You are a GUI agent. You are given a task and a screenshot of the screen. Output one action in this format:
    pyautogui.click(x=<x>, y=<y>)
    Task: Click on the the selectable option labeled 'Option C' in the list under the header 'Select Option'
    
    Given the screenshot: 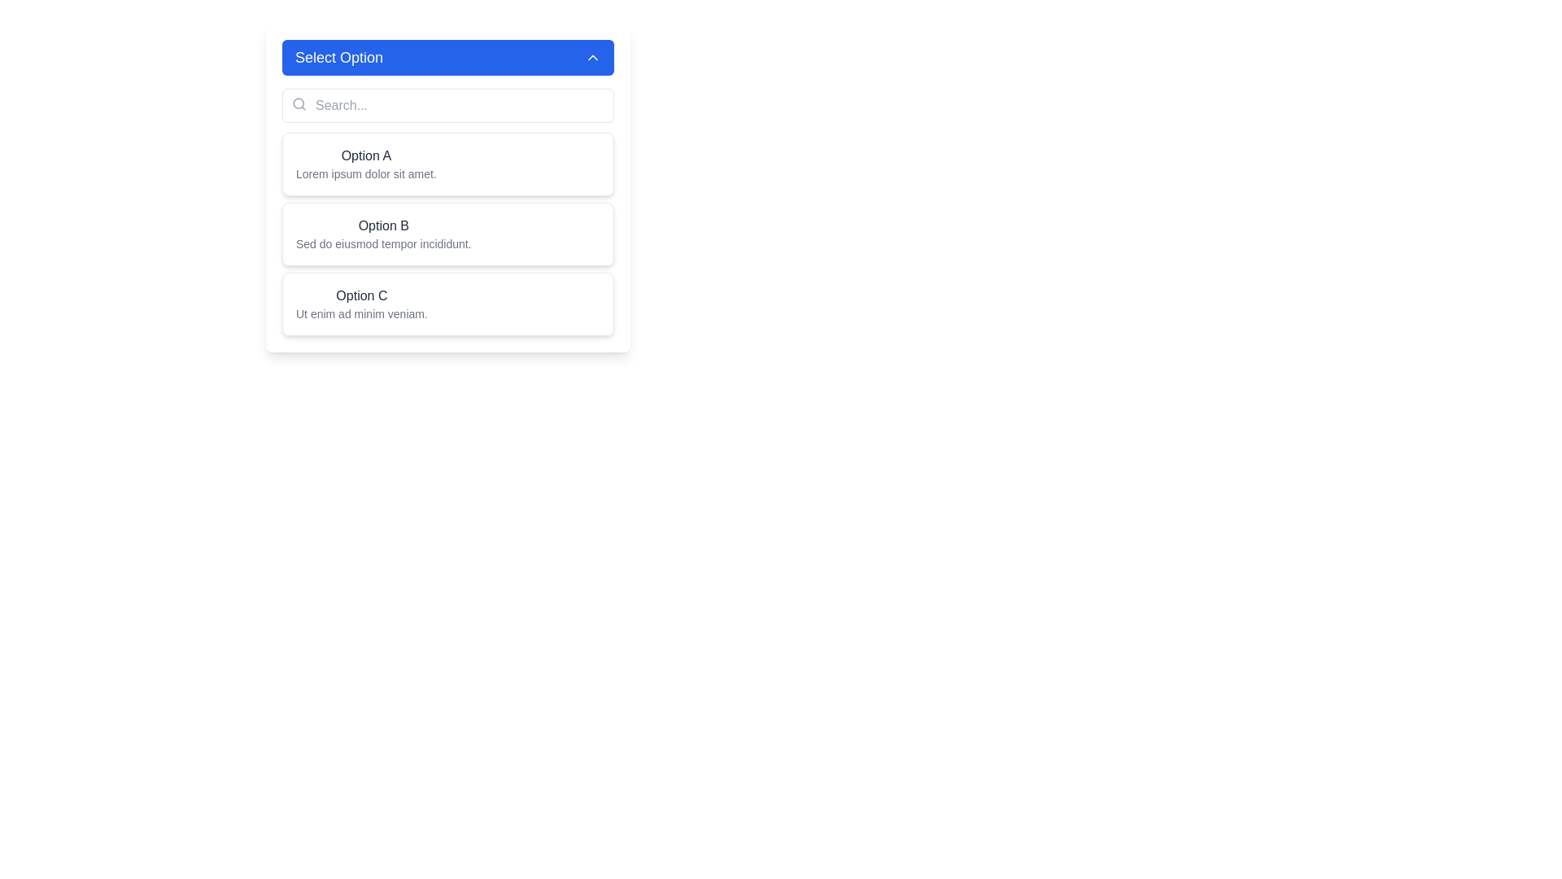 What is the action you would take?
    pyautogui.click(x=360, y=295)
    